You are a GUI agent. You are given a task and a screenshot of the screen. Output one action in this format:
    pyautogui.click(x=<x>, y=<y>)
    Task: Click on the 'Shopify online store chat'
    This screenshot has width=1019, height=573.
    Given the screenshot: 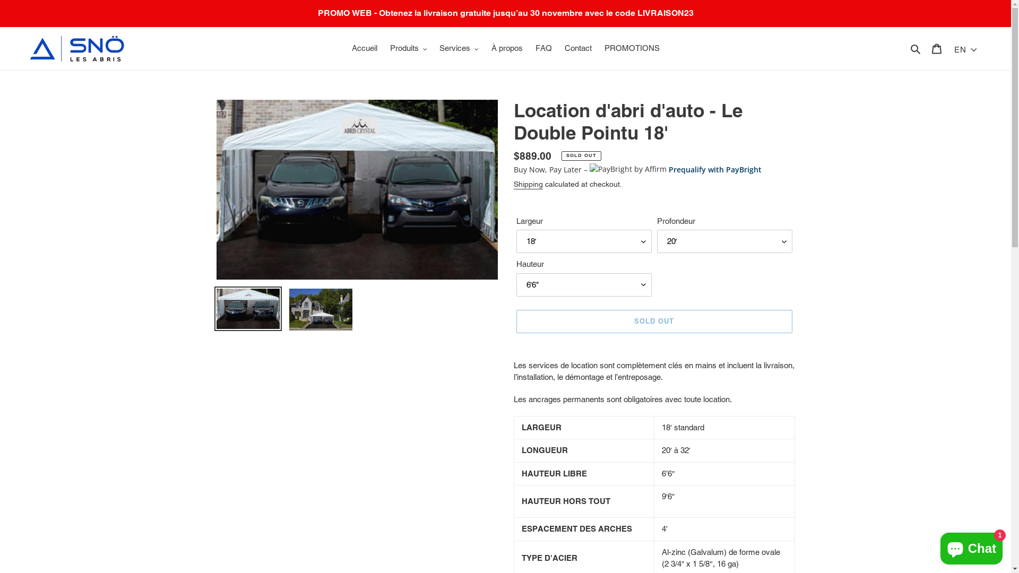 What is the action you would take?
    pyautogui.click(x=971, y=546)
    